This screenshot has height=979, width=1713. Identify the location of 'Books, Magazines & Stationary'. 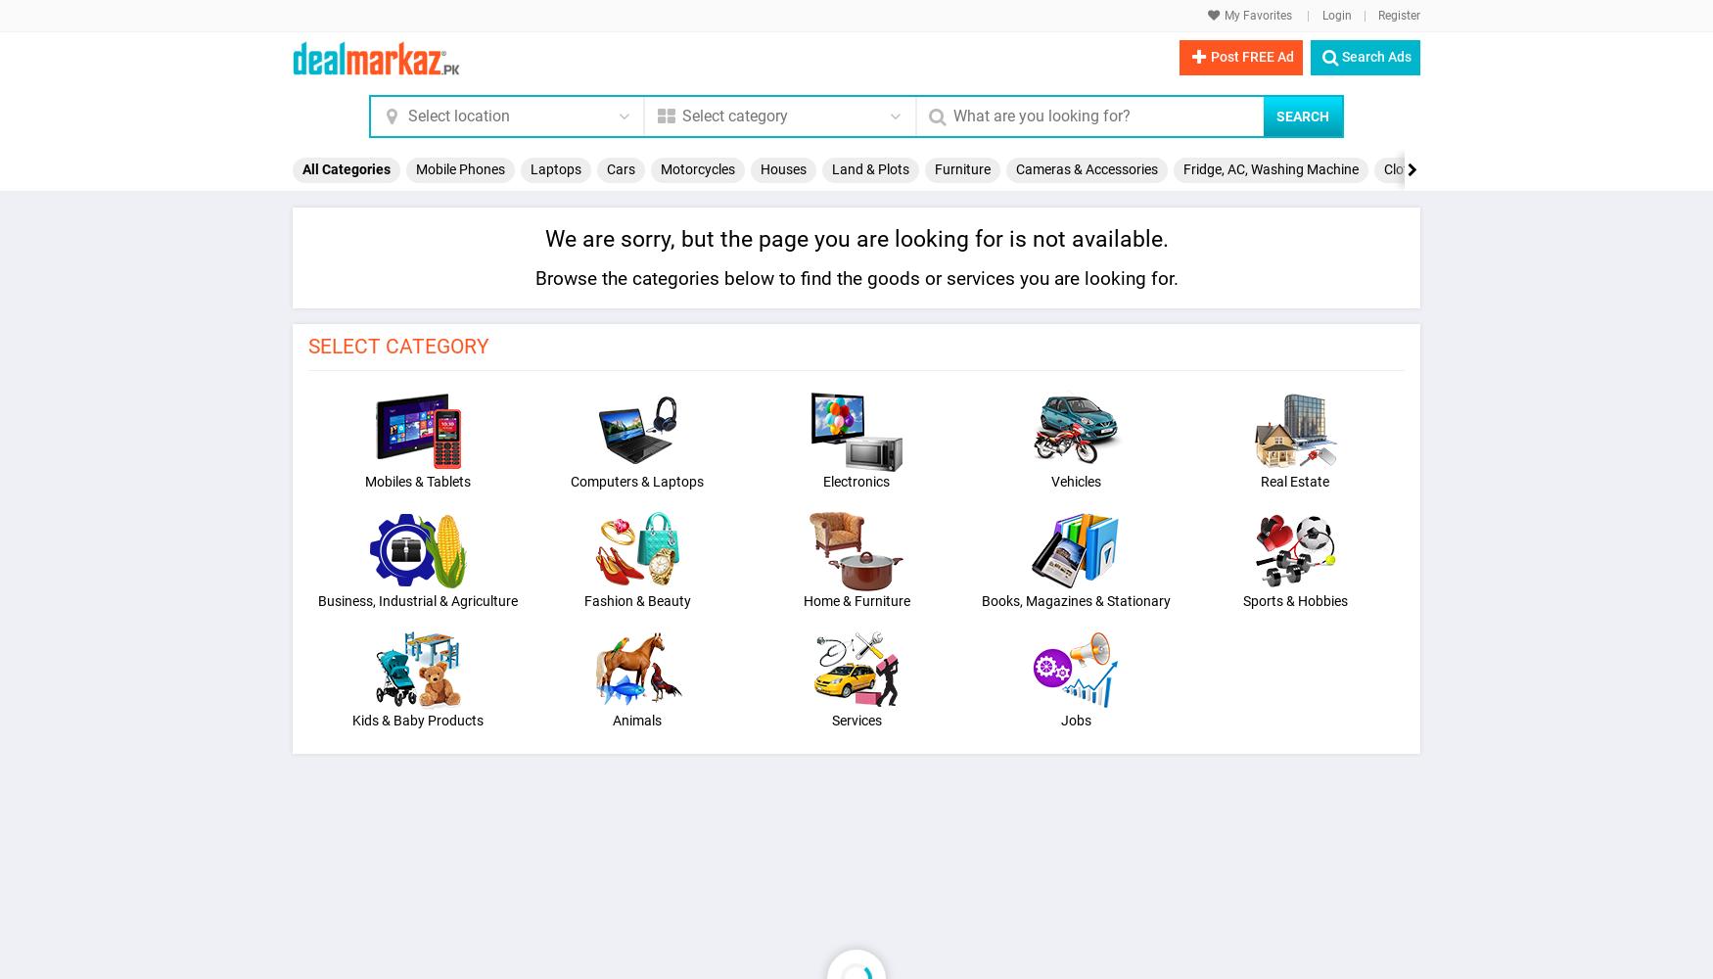
(1075, 599).